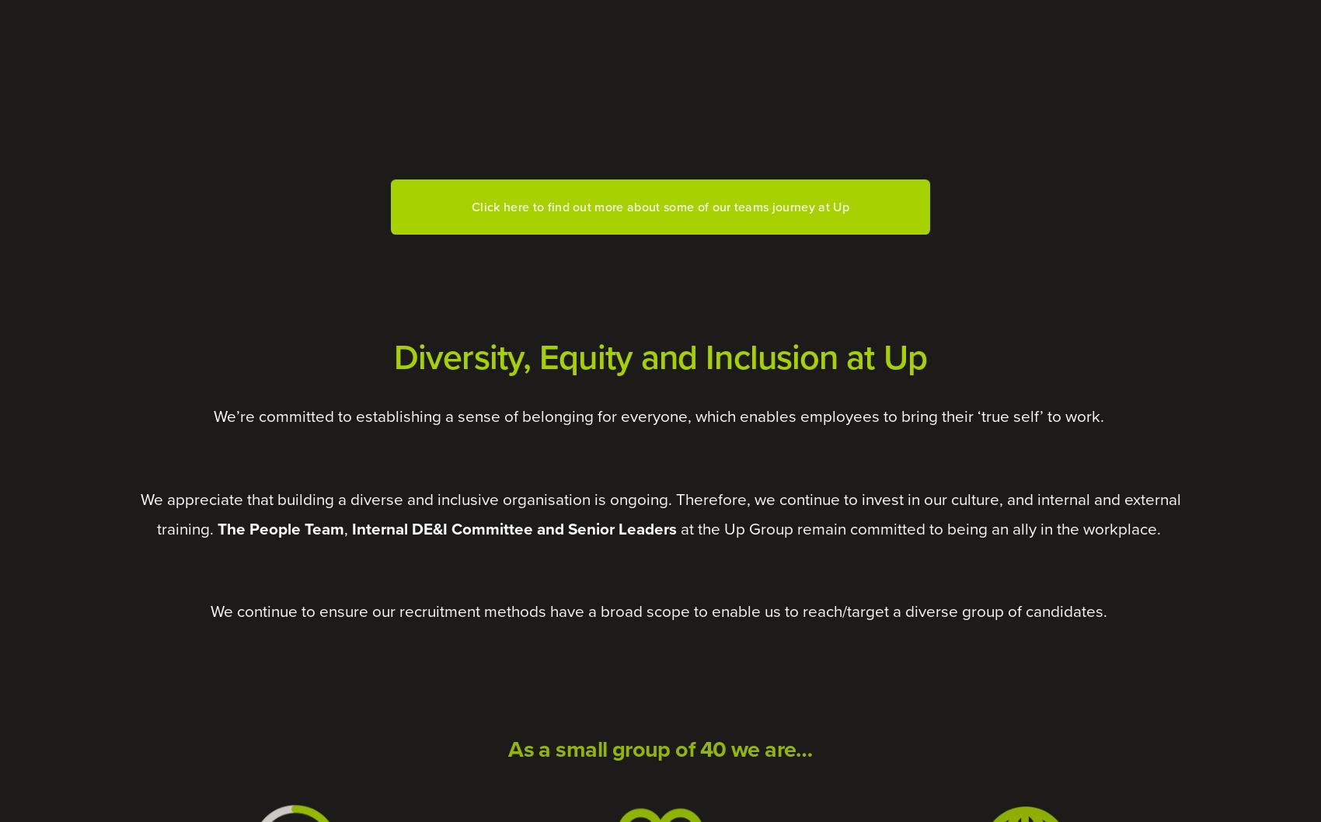 This screenshot has height=822, width=1321. What do you see at coordinates (659, 416) in the screenshot?
I see `'We’re committed to establishing a sense of belonging for everyone, which enables employees to bring their ‘true self’ to work.'` at bounding box center [659, 416].